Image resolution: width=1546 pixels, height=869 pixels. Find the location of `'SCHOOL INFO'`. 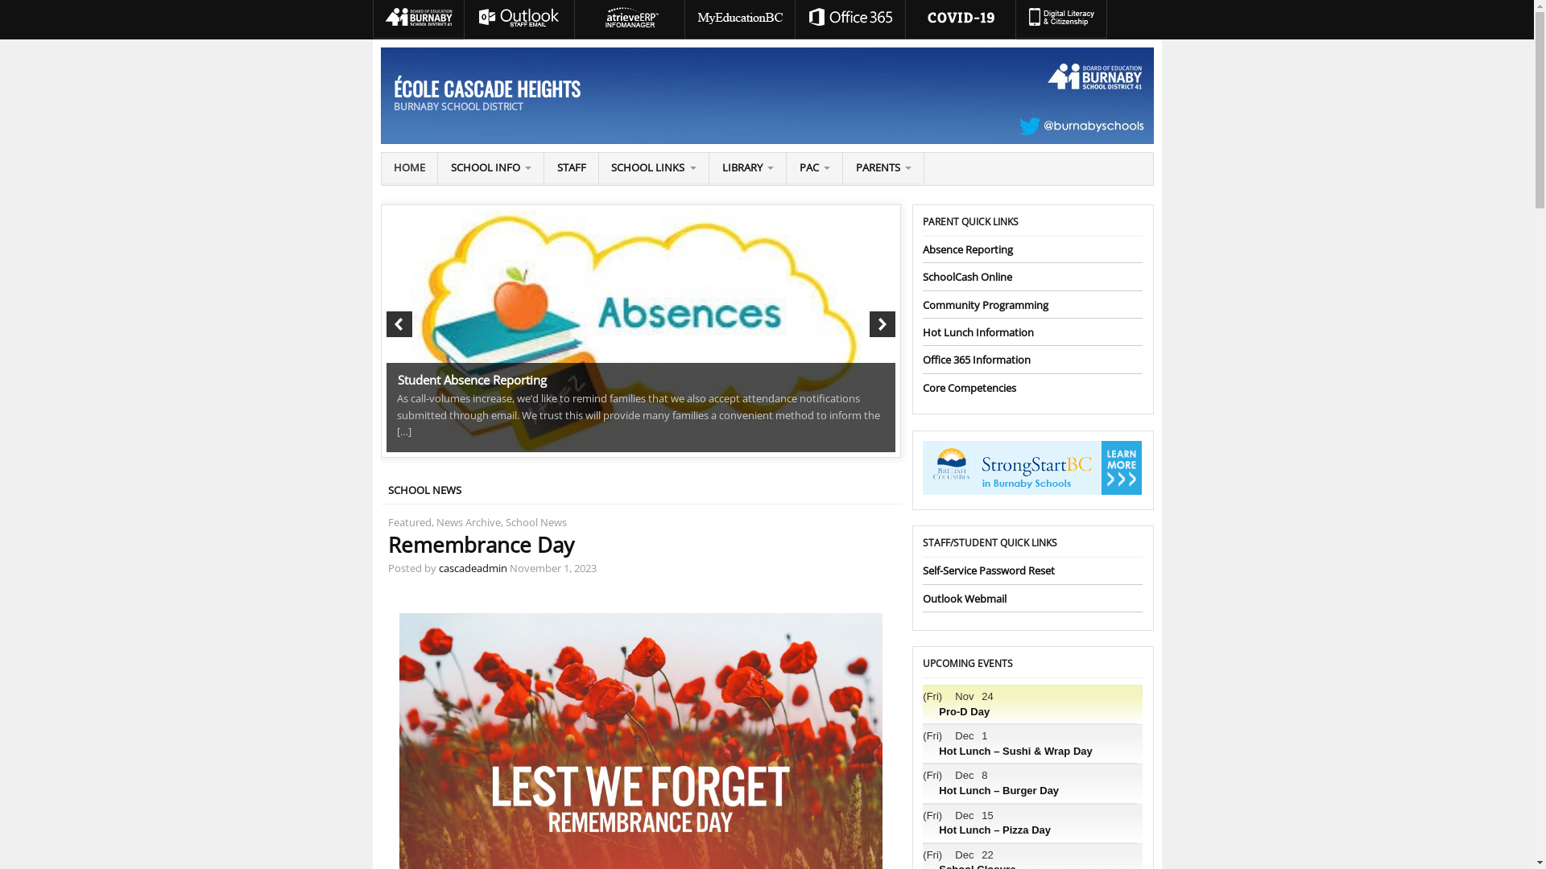

'SCHOOL INFO' is located at coordinates (490, 168).